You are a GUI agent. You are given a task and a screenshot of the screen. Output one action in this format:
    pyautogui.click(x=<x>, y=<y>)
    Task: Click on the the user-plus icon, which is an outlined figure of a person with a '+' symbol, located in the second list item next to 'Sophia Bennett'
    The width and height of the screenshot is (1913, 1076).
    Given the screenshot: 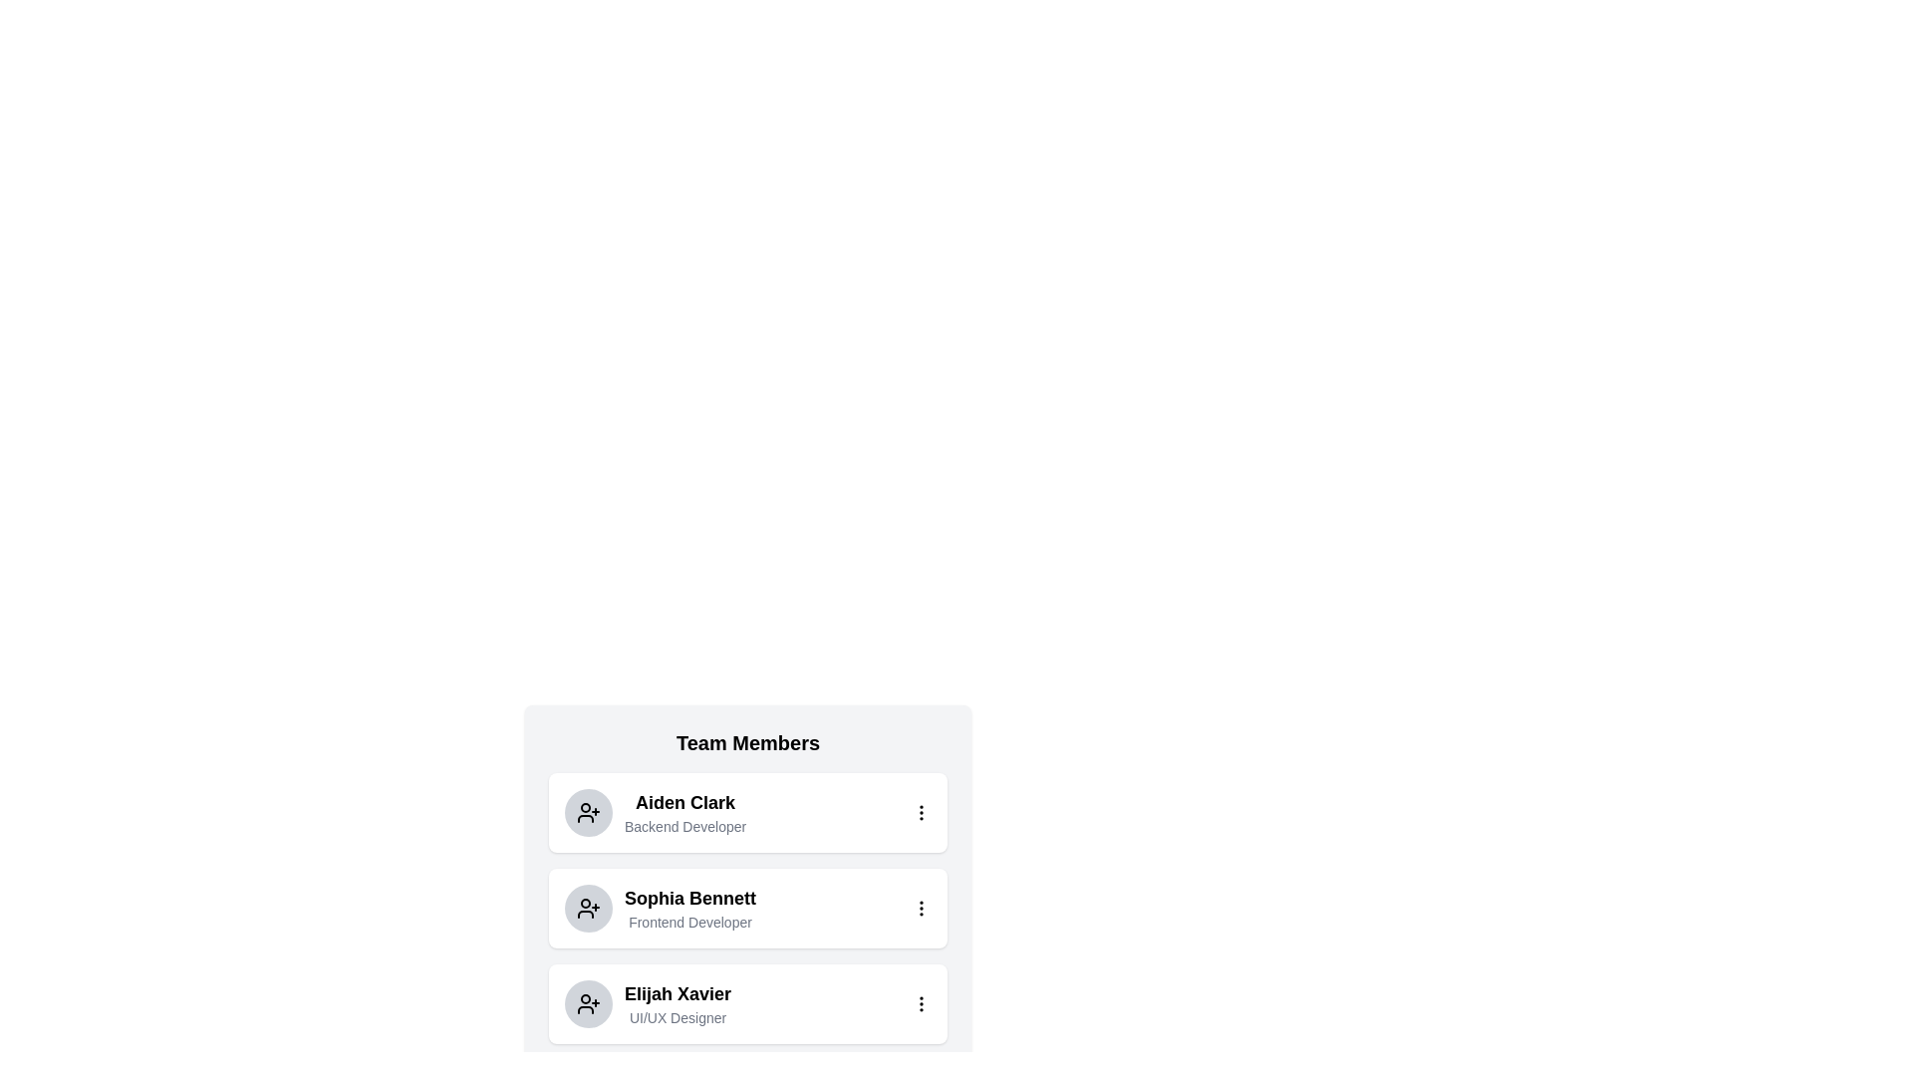 What is the action you would take?
    pyautogui.click(x=587, y=908)
    